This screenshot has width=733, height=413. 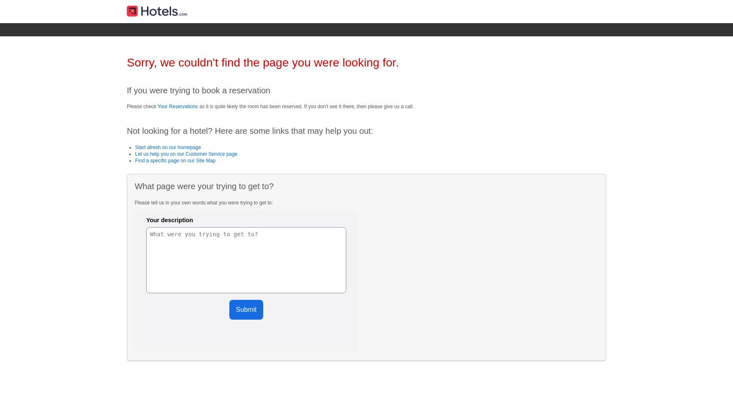 What do you see at coordinates (262, 62) in the screenshot?
I see `'Sorry, we couldn't find the page you were looking for.'` at bounding box center [262, 62].